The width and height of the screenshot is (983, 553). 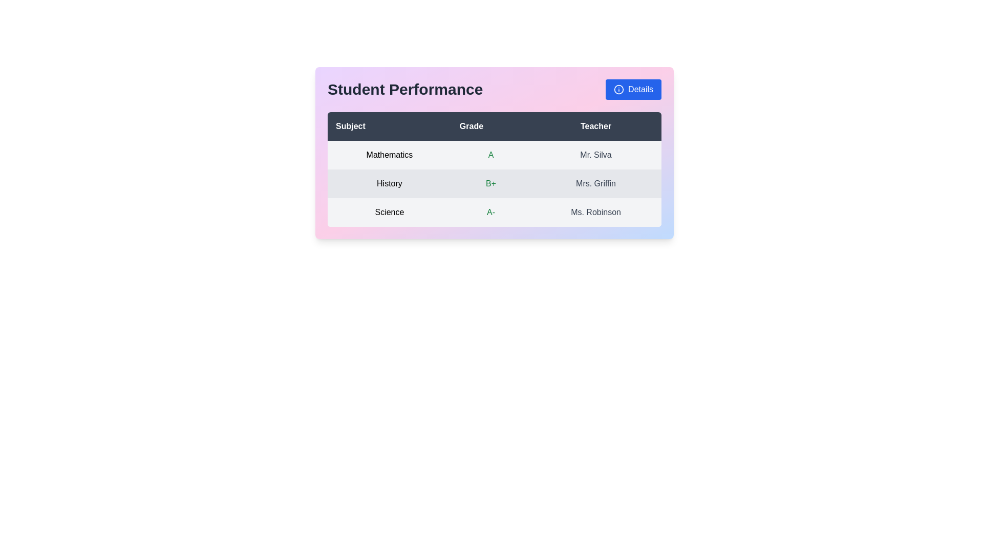 What do you see at coordinates (490, 183) in the screenshot?
I see `the text label displaying 'B+' in the Grade column of the table, which is styled in green and located in the second row under the subject 'History'` at bounding box center [490, 183].